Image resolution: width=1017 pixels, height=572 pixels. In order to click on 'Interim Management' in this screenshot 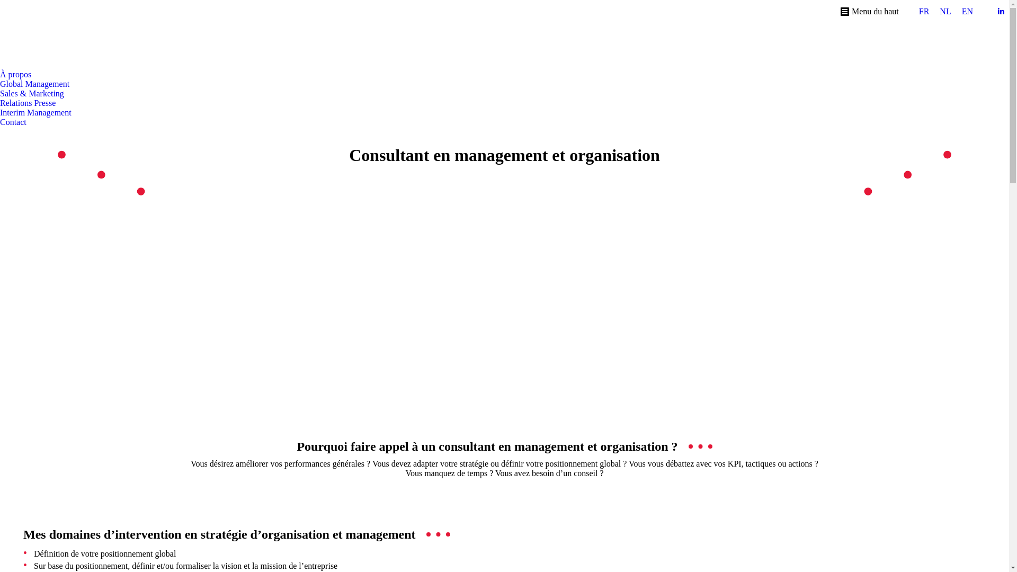, I will do `click(35, 112)`.